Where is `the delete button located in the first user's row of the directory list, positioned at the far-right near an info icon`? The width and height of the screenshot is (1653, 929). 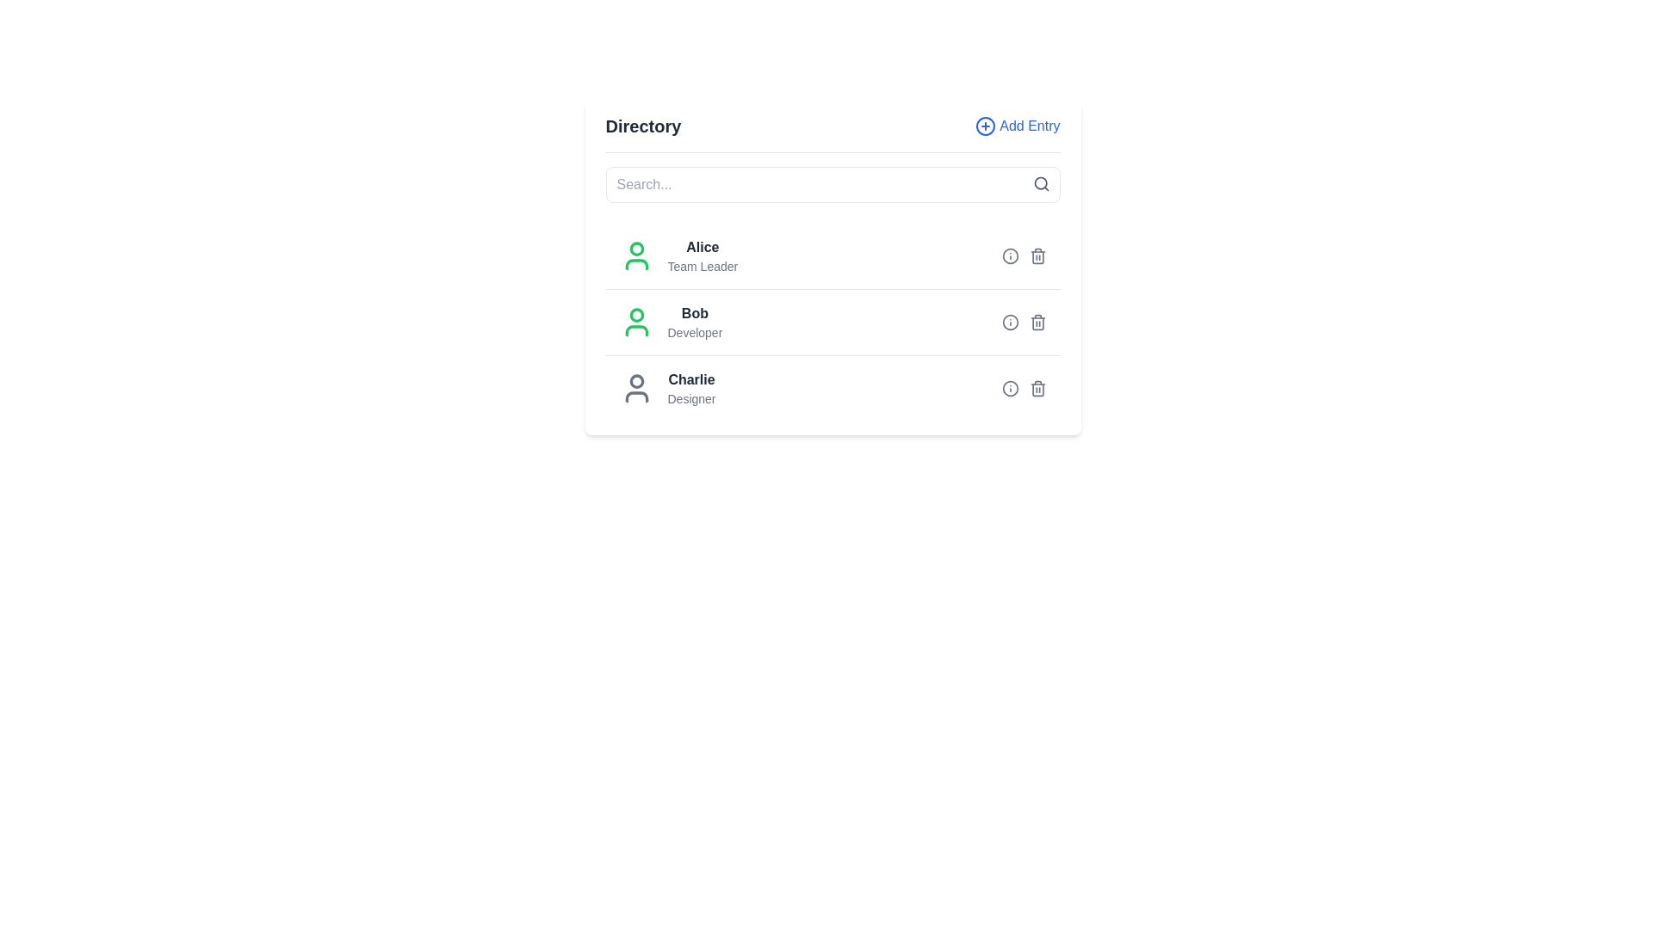
the delete button located in the first user's row of the directory list, positioned at the far-right near an info icon is located at coordinates (1037, 255).